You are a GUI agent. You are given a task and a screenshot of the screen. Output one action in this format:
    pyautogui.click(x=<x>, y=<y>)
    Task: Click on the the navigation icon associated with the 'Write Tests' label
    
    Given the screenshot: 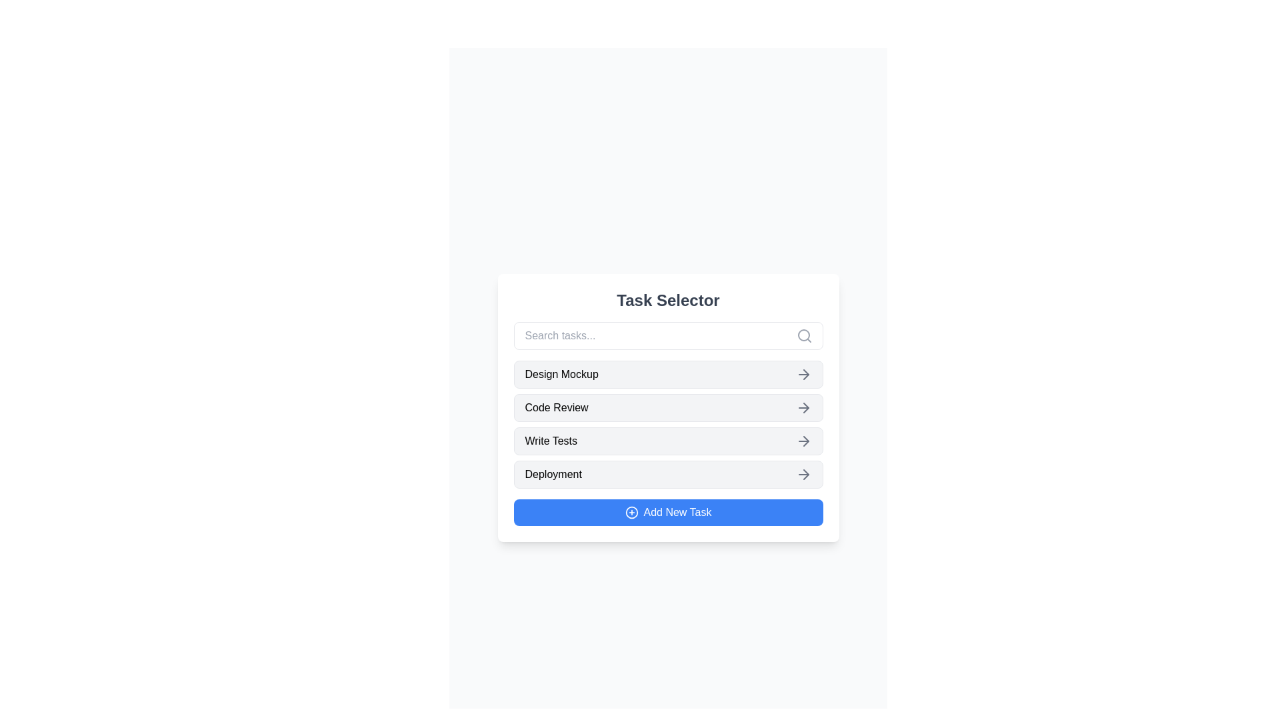 What is the action you would take?
    pyautogui.click(x=803, y=441)
    